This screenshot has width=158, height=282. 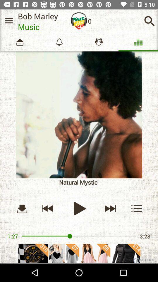 I want to click on advertisement, so click(x=79, y=253).